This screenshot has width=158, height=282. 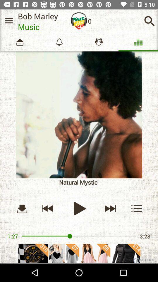 I want to click on advertisement, so click(x=79, y=253).